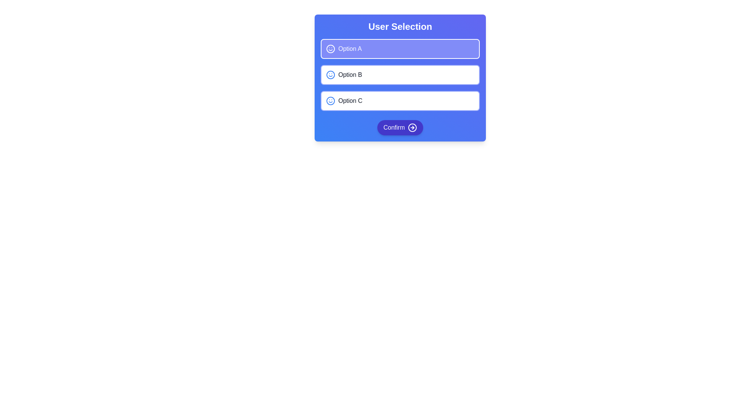 Image resolution: width=734 pixels, height=413 pixels. What do you see at coordinates (330, 49) in the screenshot?
I see `the circular smiley face icon located to the left of the text 'Option A' in the vertical list of selection choices` at bounding box center [330, 49].